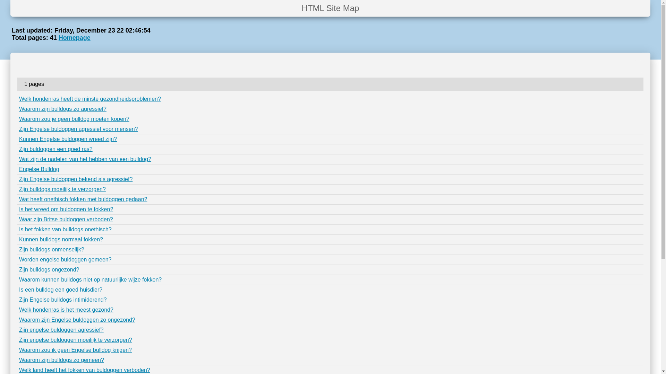  What do you see at coordinates (75, 37) in the screenshot?
I see `'Homepage'` at bounding box center [75, 37].